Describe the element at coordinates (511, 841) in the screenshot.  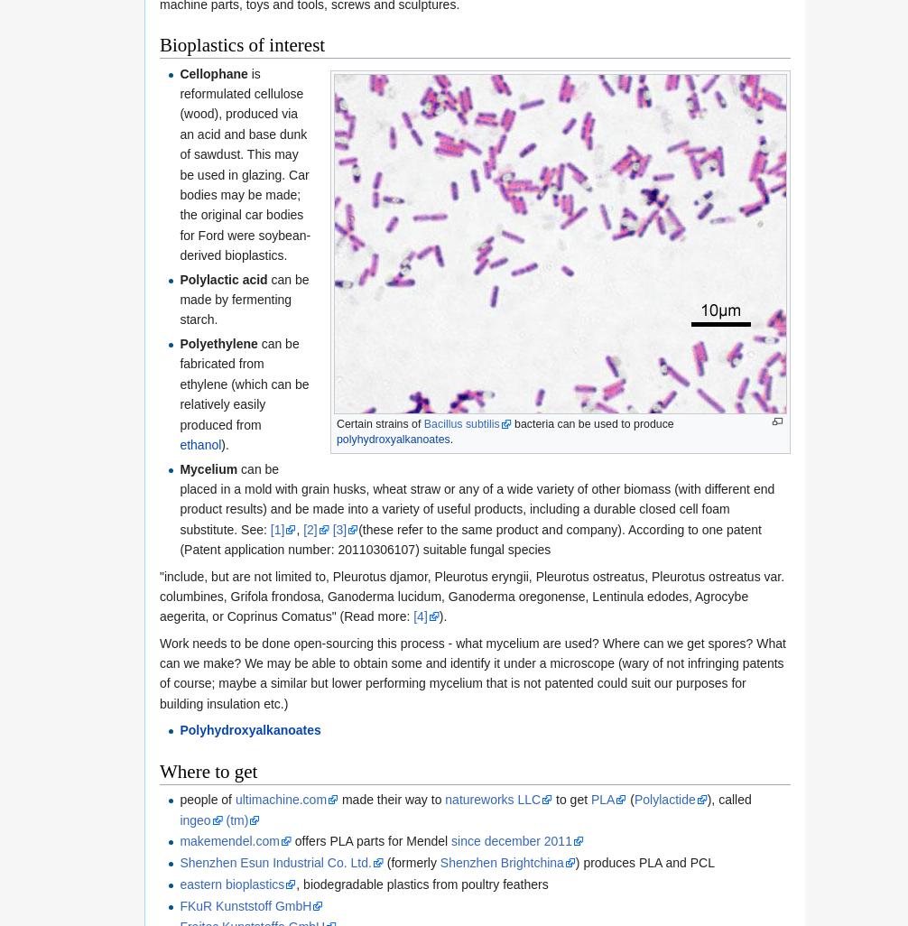
I see `'since december 2011'` at that location.